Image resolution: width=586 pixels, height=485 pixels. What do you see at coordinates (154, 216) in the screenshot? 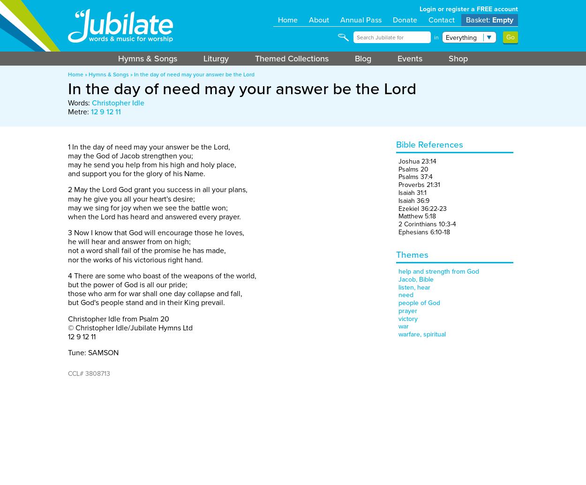
I see `'when the Lord has heard and answered every prayer.'` at bounding box center [154, 216].